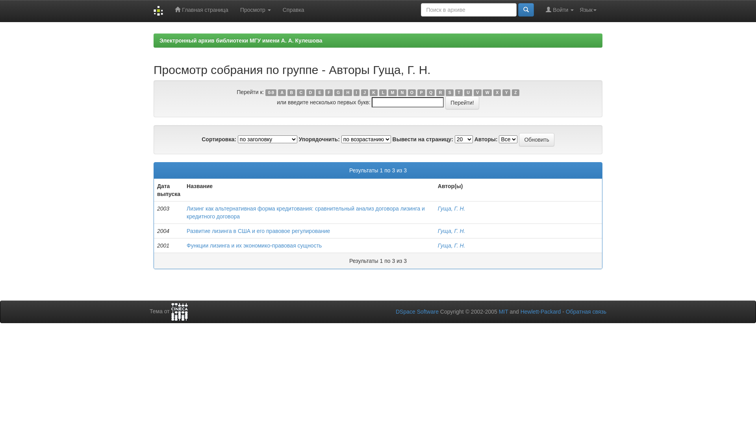 The width and height of the screenshot is (756, 425). What do you see at coordinates (430, 92) in the screenshot?
I see `'Q'` at bounding box center [430, 92].